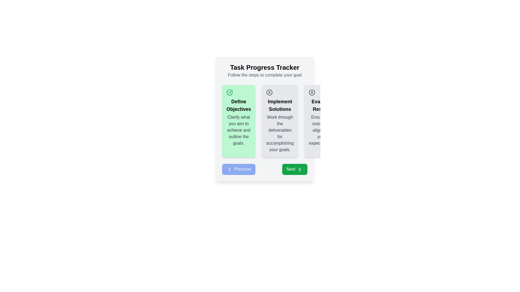 The image size is (520, 292). Describe the element at coordinates (230, 169) in the screenshot. I see `the left-pointing arrow icon within the blue 'Previous' button` at that location.